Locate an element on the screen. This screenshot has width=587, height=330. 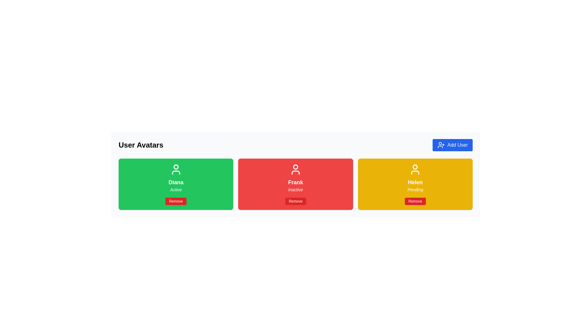
the user icon located at the center-top of the third user card, which visually identifies user accounts, positioned above the text 'Helen' is located at coordinates (415, 172).